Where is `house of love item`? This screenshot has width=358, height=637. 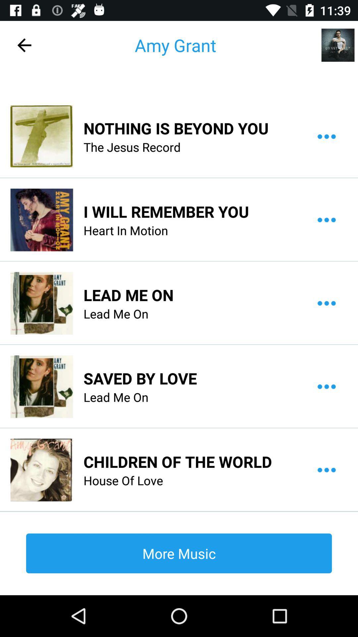 house of love item is located at coordinates (123, 480).